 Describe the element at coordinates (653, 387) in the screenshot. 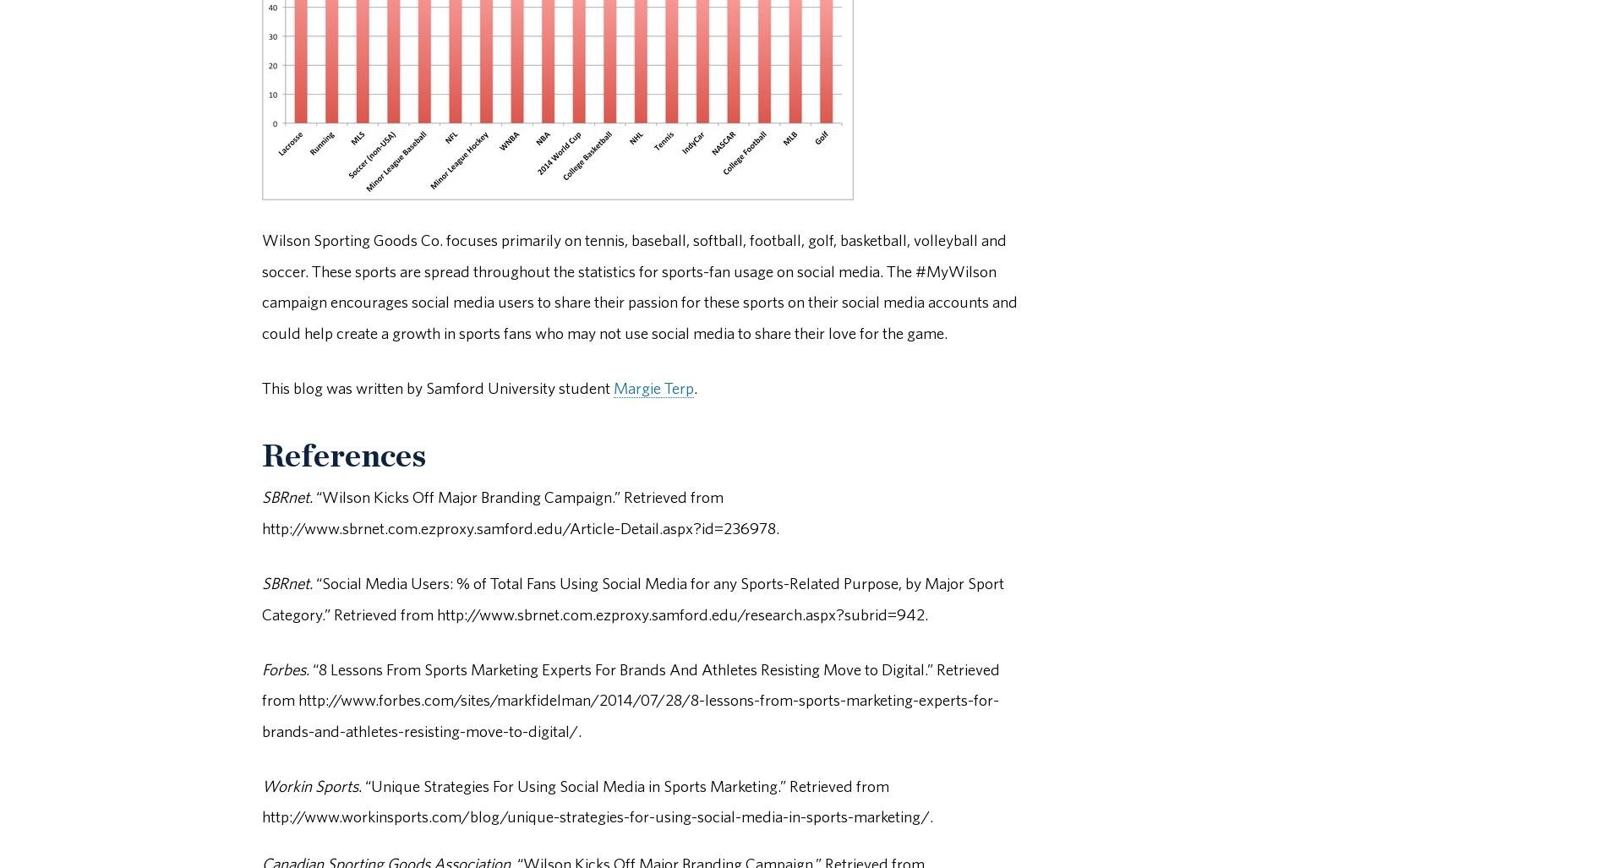

I see `'Margie Terp'` at that location.